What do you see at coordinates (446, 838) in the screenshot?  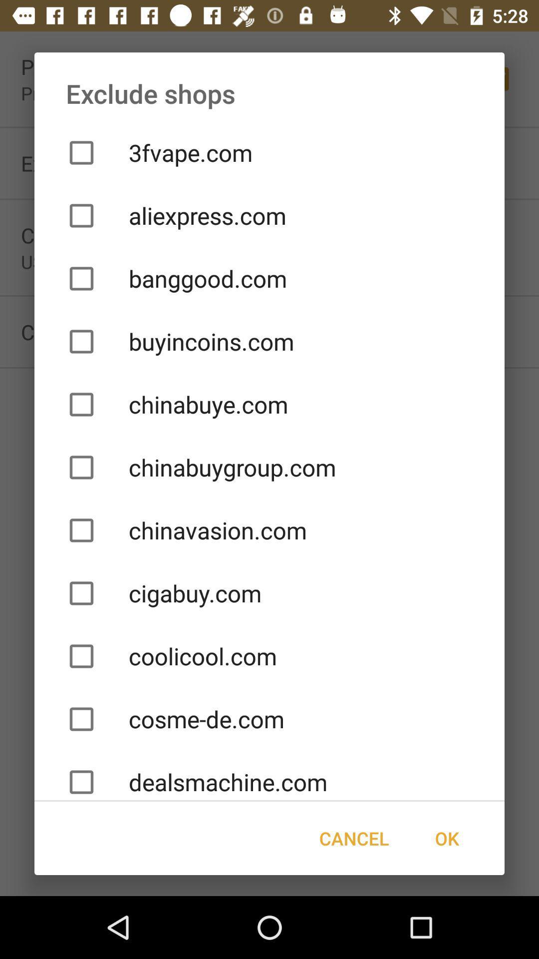 I see `item next to cancel` at bounding box center [446, 838].